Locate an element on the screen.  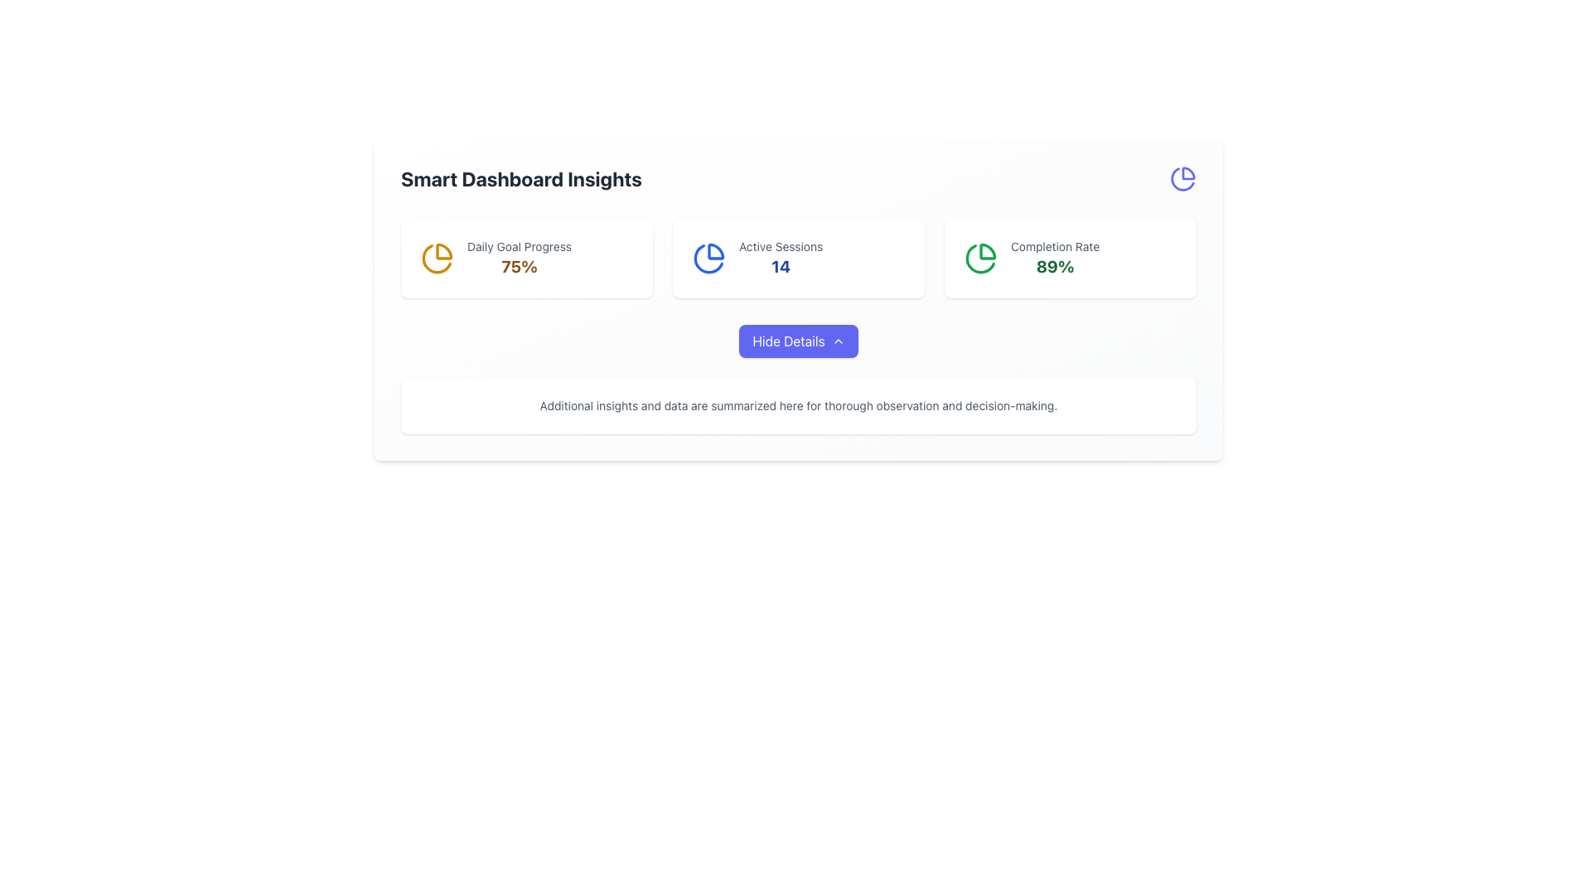
the Decorative icon - pie chart representing the 'Daily Goal Progress' metric located at the top-left corner of the 'Daily Goal Progress 75%' card is located at coordinates (438, 259).